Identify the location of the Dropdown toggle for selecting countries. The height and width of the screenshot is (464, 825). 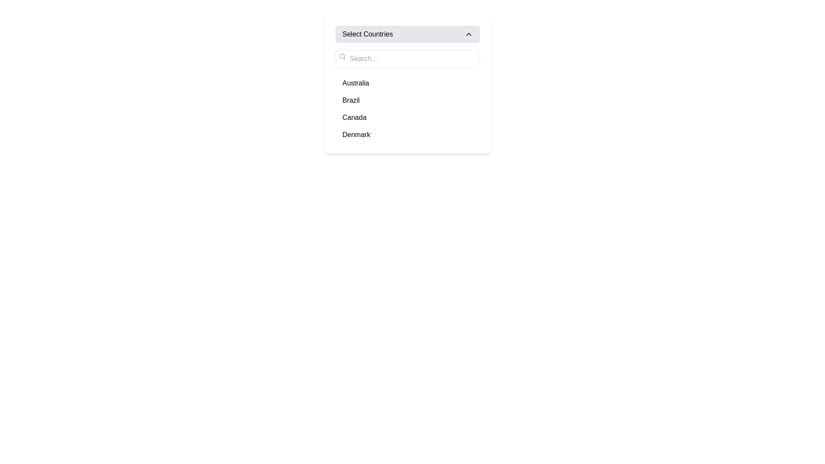
(407, 34).